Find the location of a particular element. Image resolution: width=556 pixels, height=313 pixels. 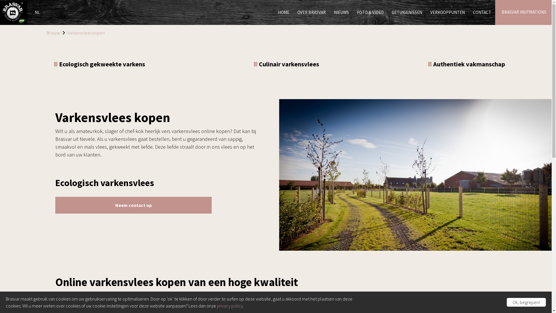

'BRASVAR INSPIRATIONS' is located at coordinates (495, 12).